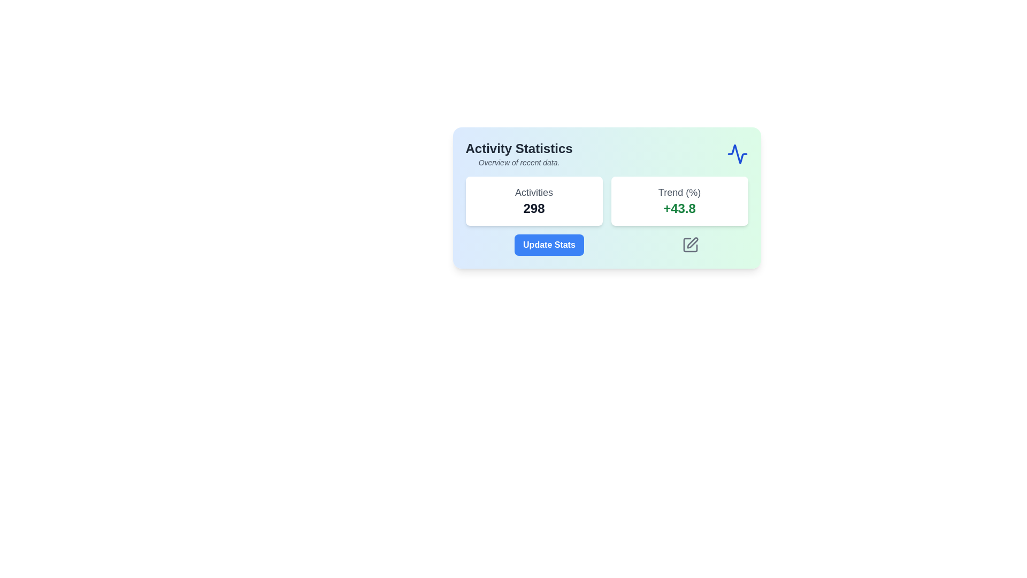 The image size is (1027, 578). I want to click on the percentage value displayed in green within the 'Trend (%)' panel, so click(679, 208).